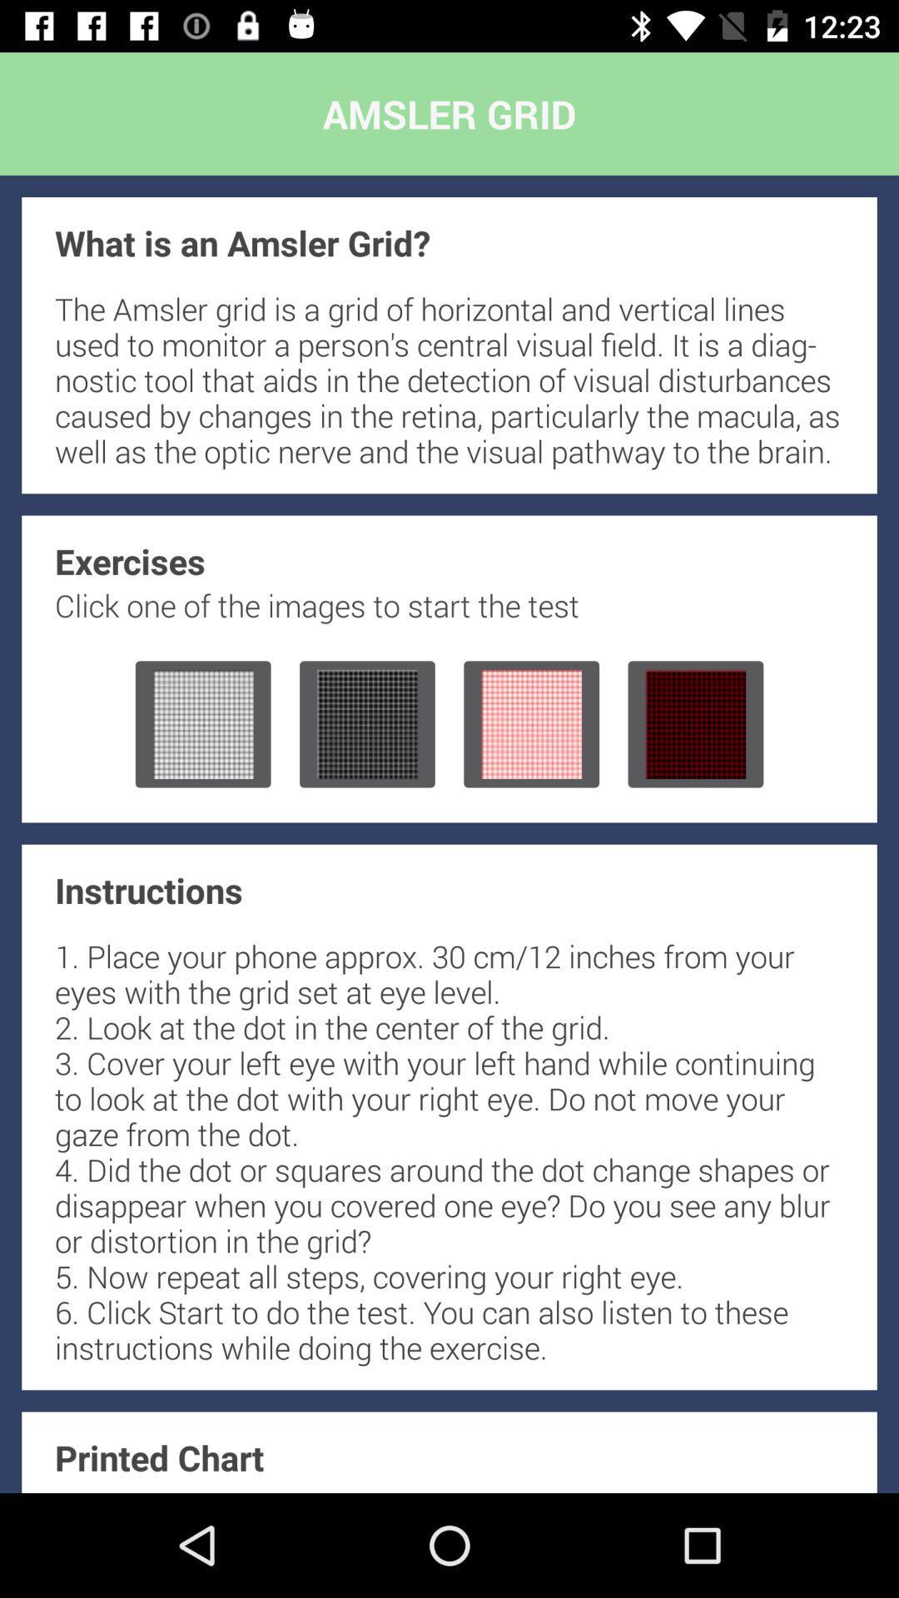  I want to click on choose grid for test, so click(202, 724).